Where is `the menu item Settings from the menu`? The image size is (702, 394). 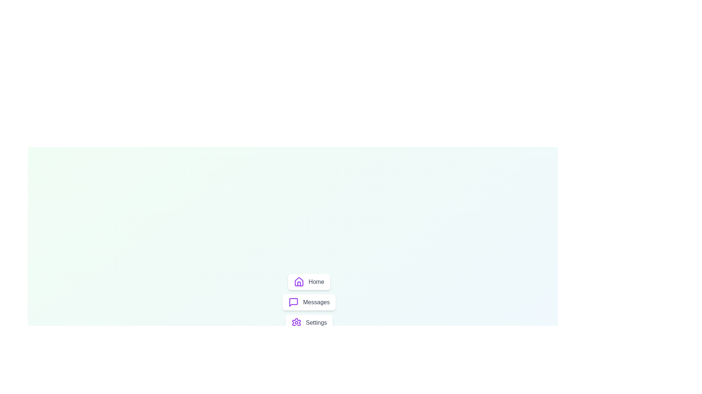
the menu item Settings from the menu is located at coordinates (309, 322).